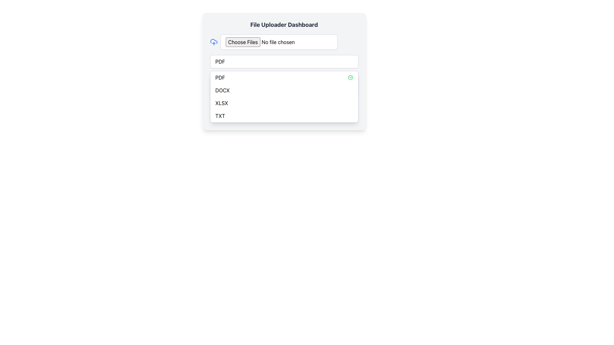  What do you see at coordinates (284, 116) in the screenshot?
I see `the 'TXT' file type selection in the dropdown menu` at bounding box center [284, 116].